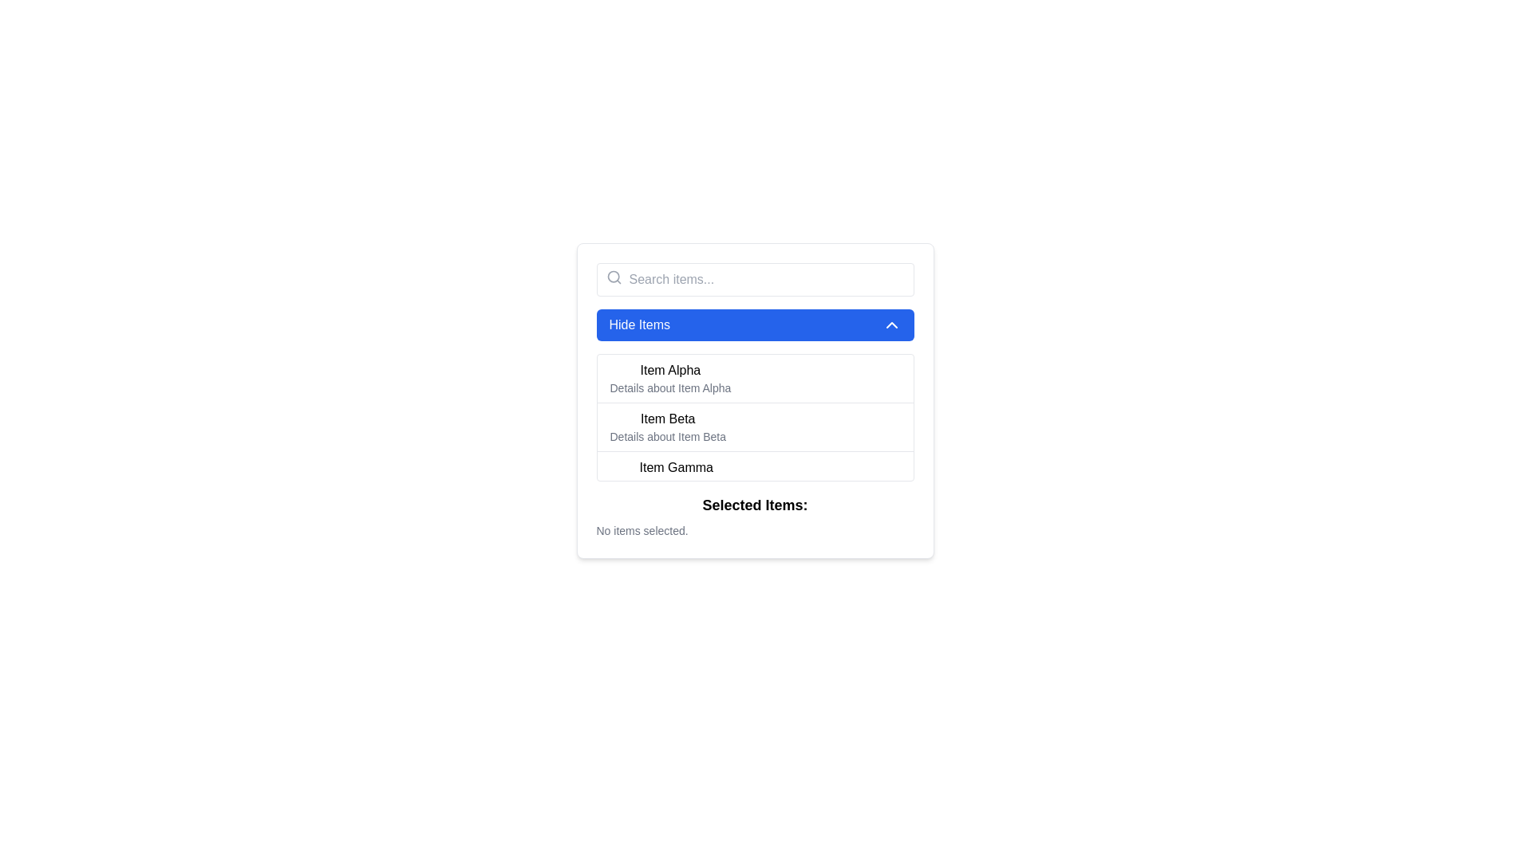 The image size is (1532, 861). What do you see at coordinates (613, 276) in the screenshot?
I see `the small magnifying glass icon, which is styled with a circular outline and positioned inside the left area of the search bar` at bounding box center [613, 276].